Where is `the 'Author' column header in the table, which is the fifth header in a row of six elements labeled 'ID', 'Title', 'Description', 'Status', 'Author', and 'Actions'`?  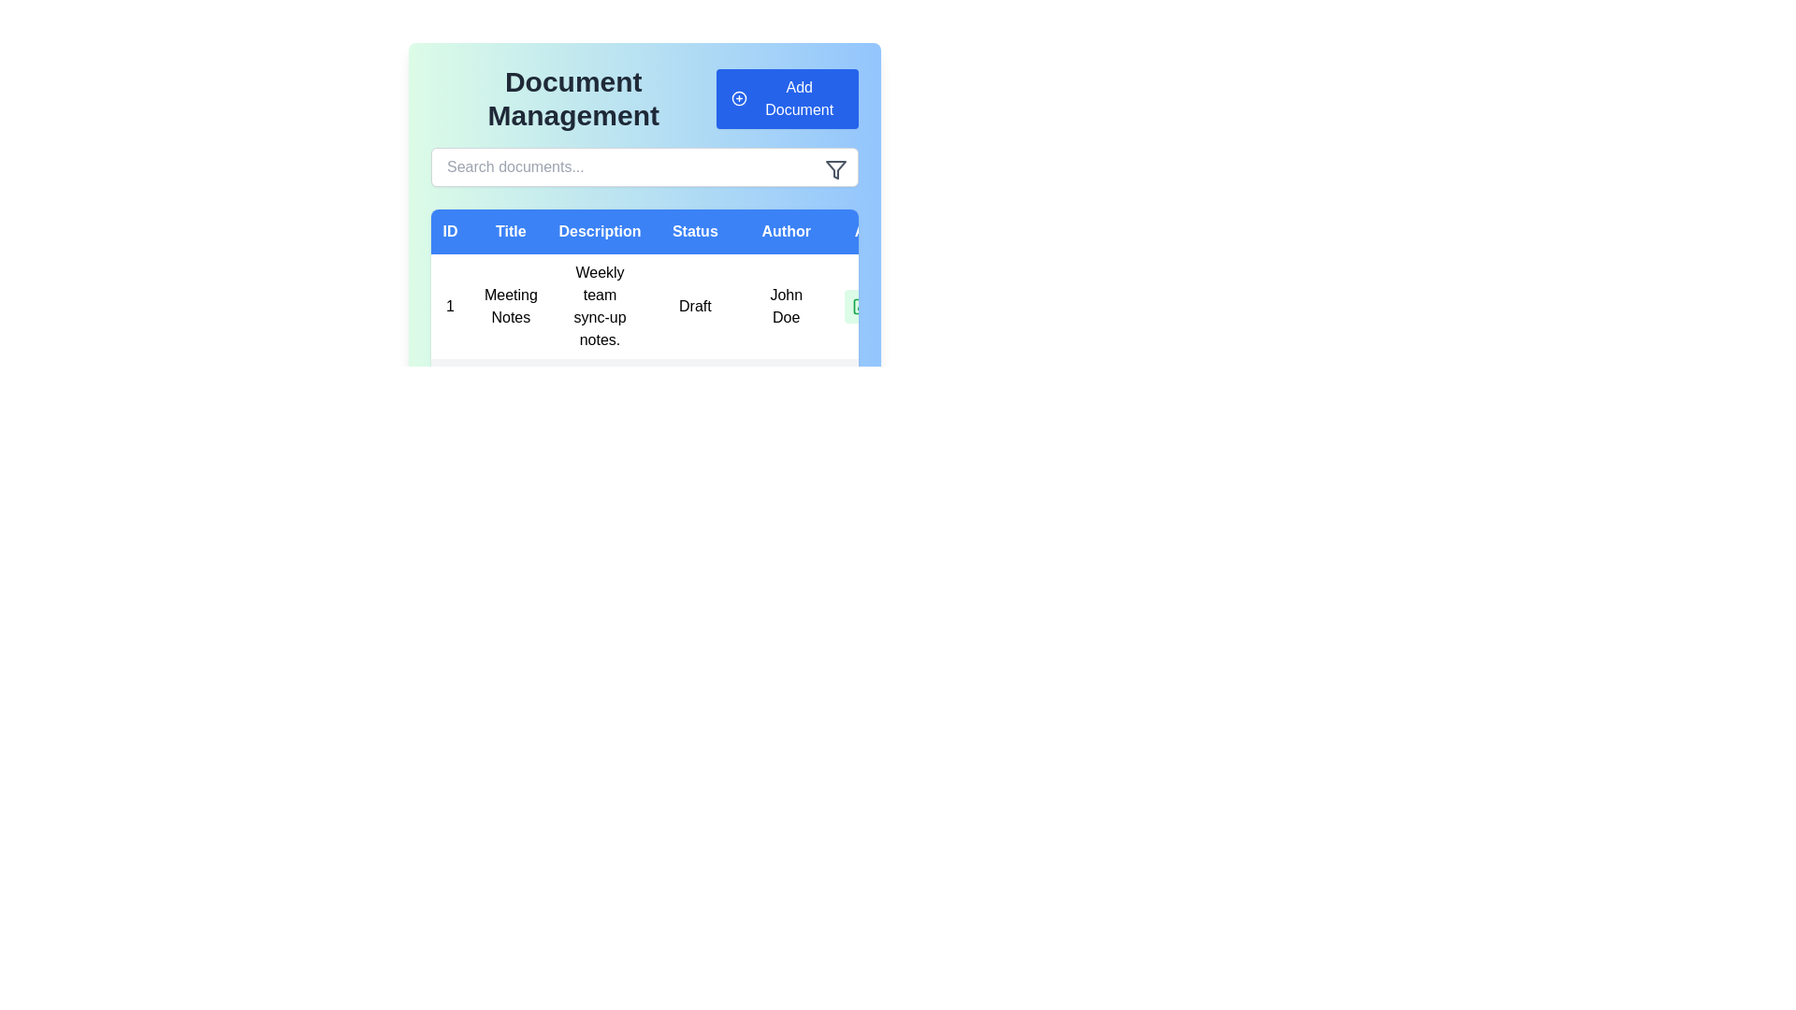 the 'Author' column header in the table, which is the fifth header in a row of six elements labeled 'ID', 'Title', 'Description', 'Status', 'Author', and 'Actions' is located at coordinates (786, 230).